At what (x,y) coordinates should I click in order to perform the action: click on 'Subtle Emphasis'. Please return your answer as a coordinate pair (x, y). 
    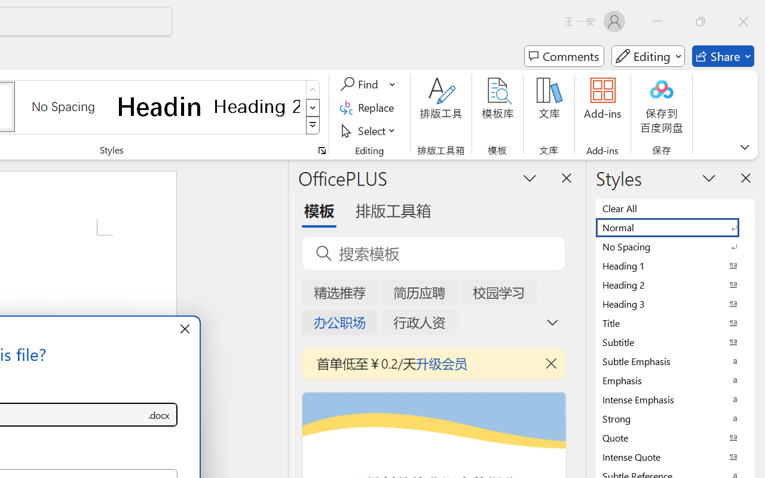
    Looking at the image, I should click on (675, 361).